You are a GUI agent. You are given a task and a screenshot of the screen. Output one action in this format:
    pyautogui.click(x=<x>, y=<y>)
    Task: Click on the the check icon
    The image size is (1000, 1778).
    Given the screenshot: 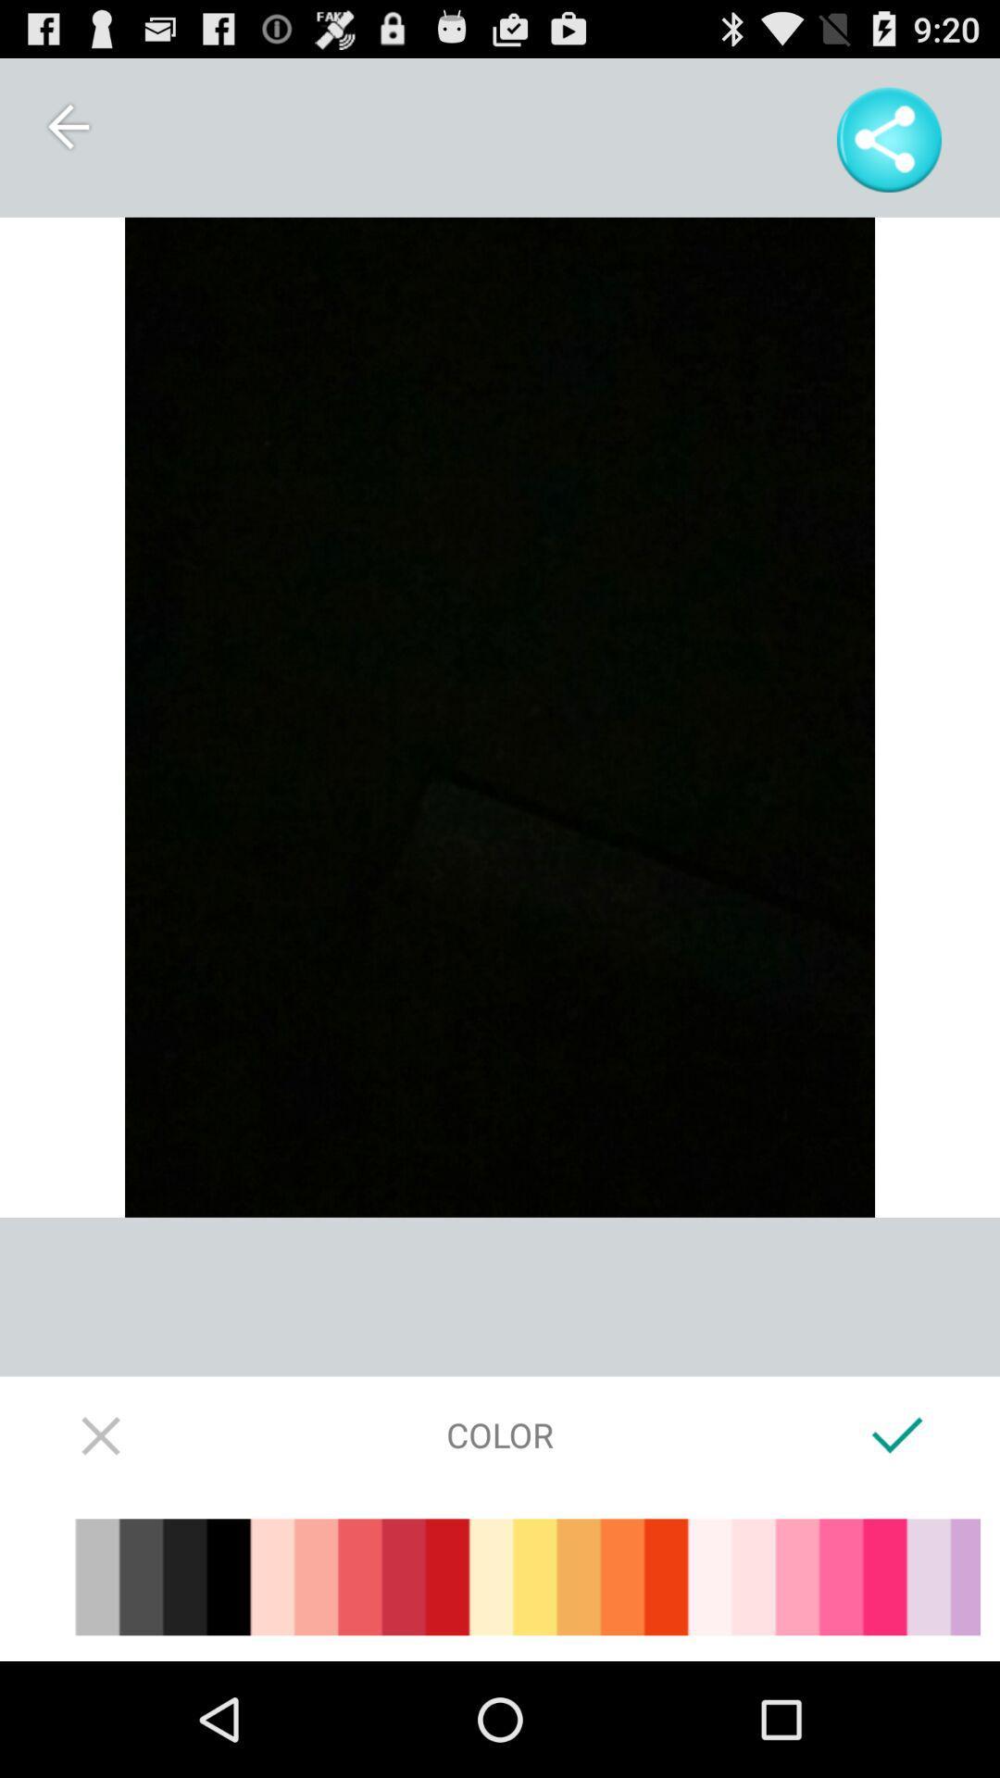 What is the action you would take?
    pyautogui.click(x=896, y=1535)
    